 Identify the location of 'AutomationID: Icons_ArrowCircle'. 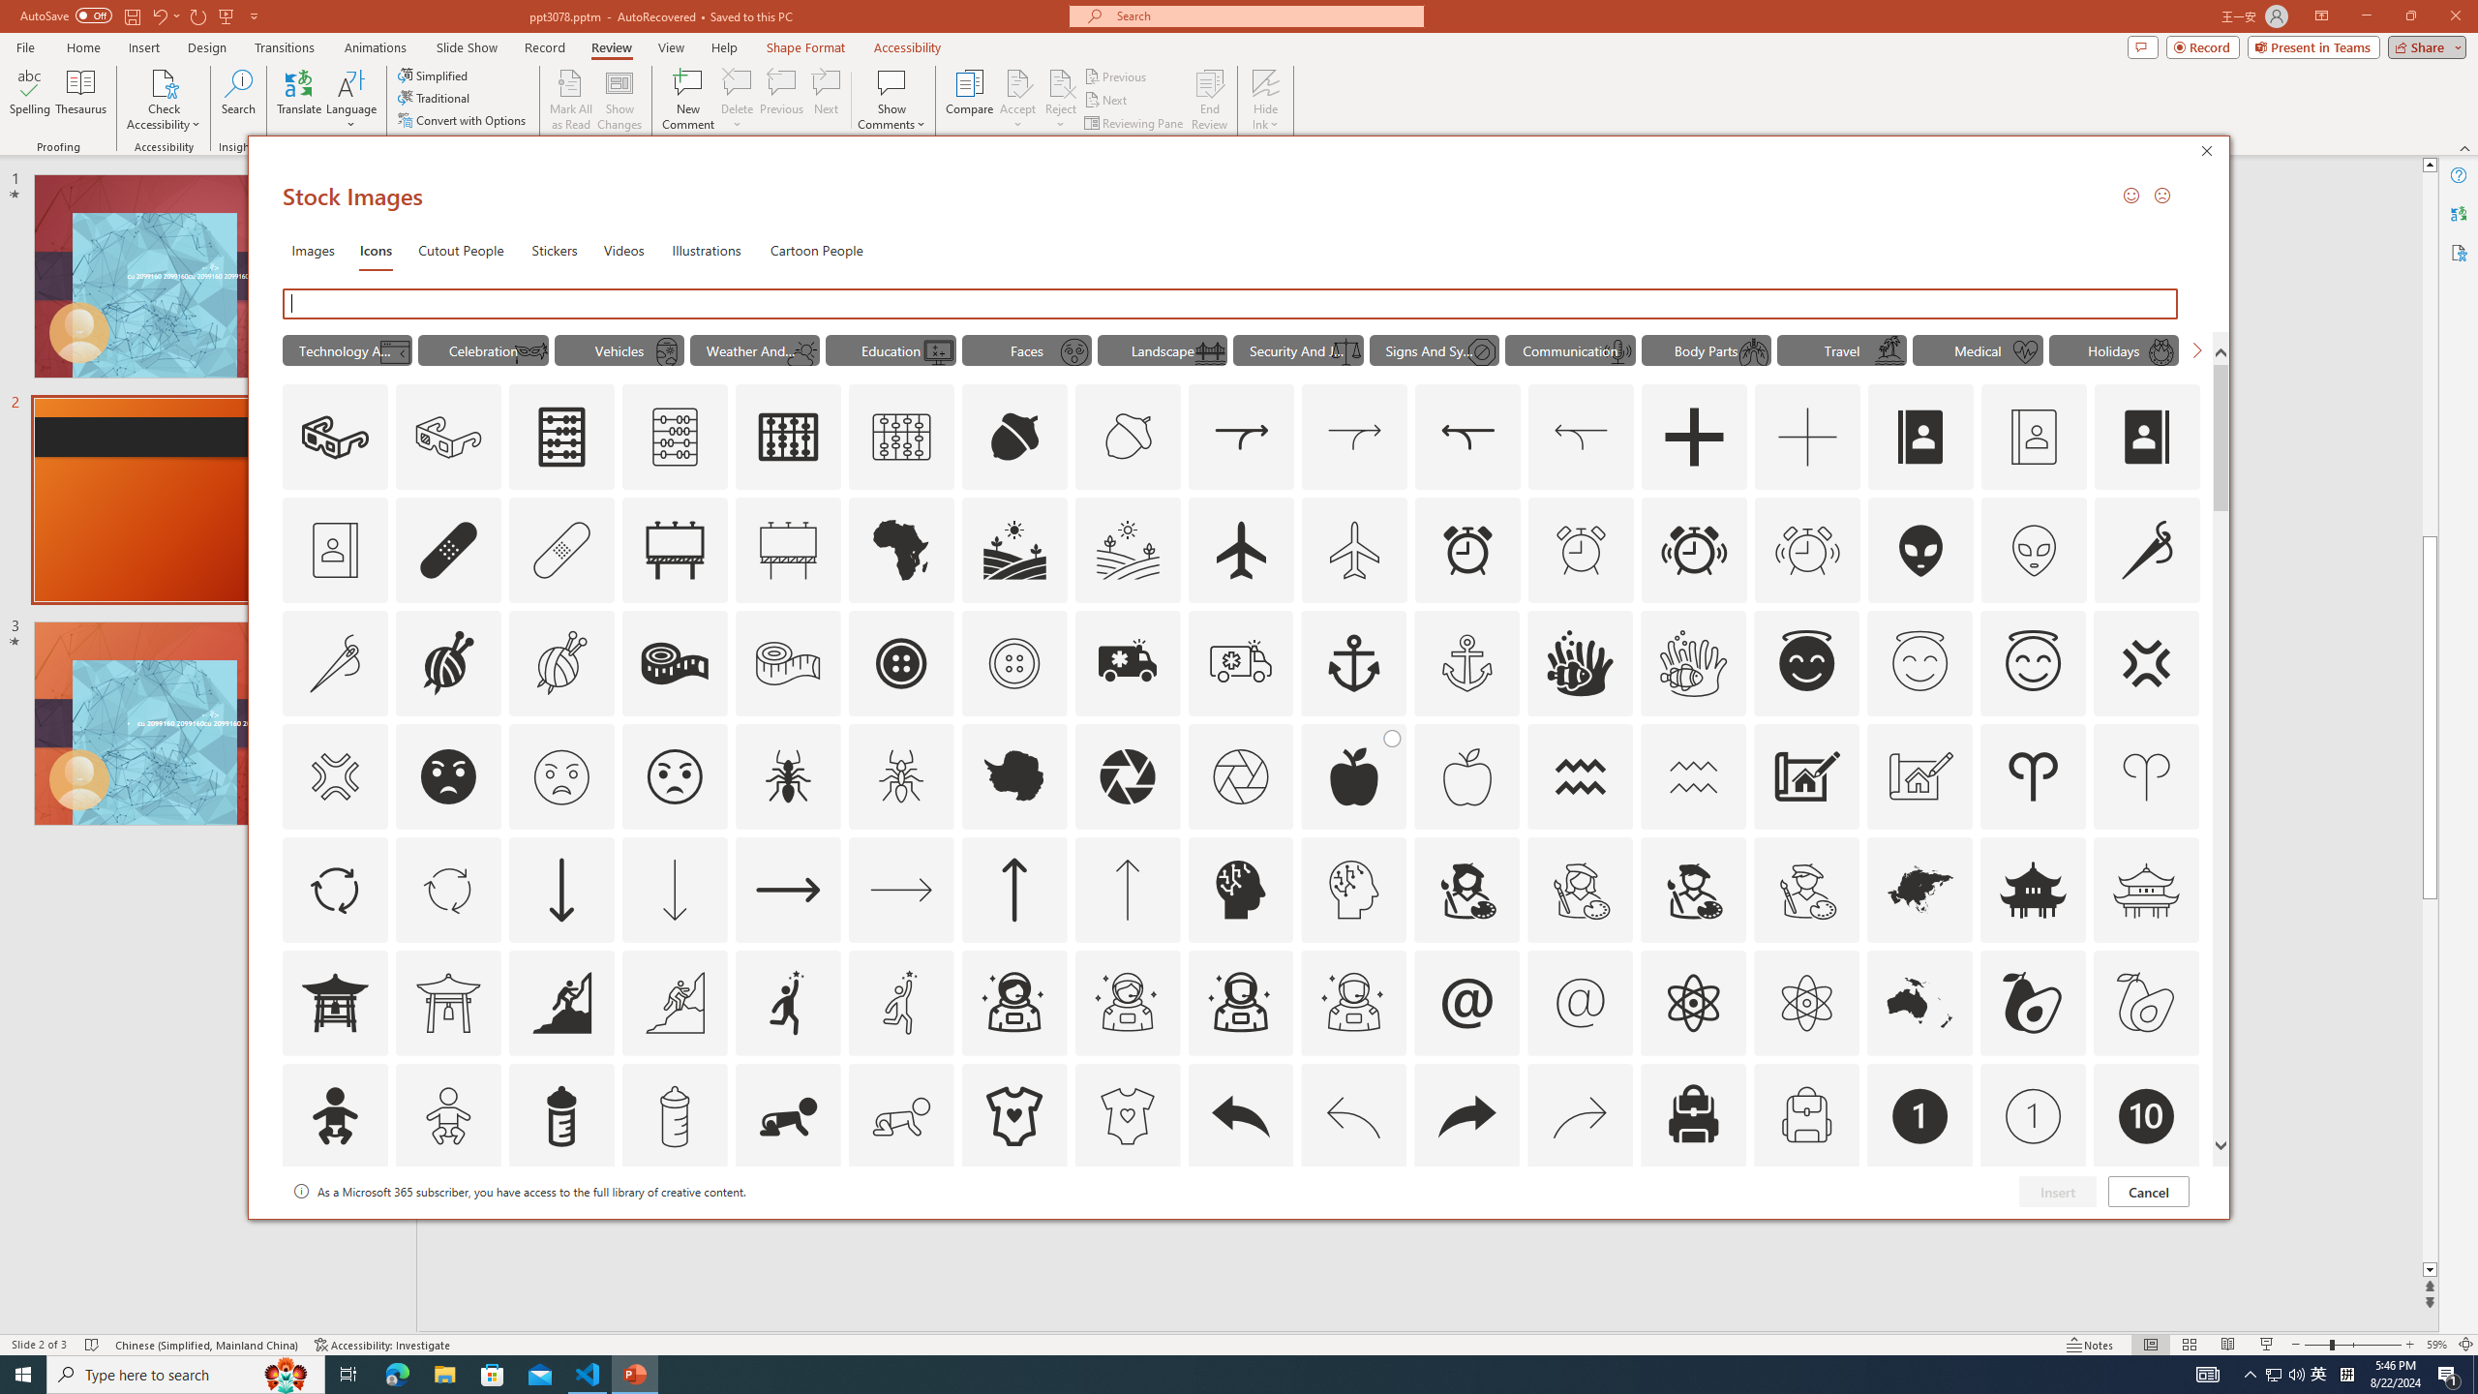
(334, 889).